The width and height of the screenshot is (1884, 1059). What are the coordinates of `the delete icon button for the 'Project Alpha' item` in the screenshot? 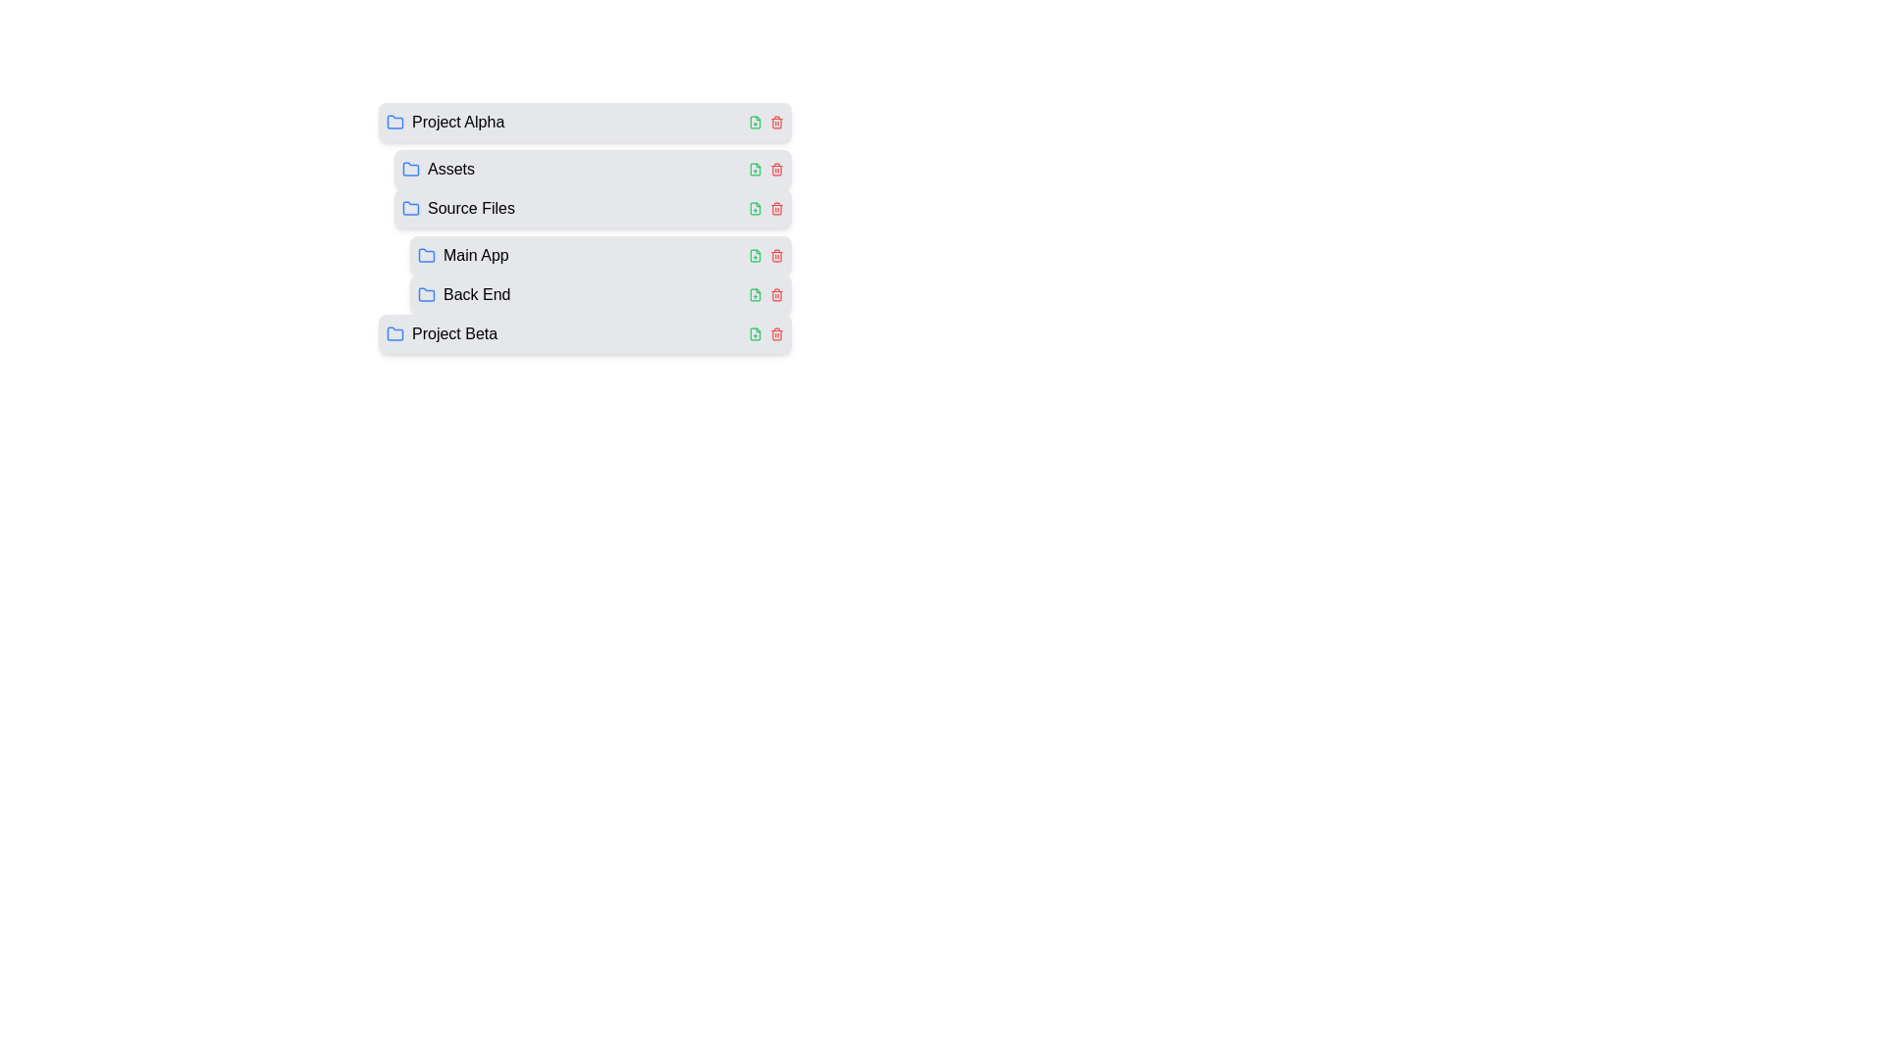 It's located at (776, 122).